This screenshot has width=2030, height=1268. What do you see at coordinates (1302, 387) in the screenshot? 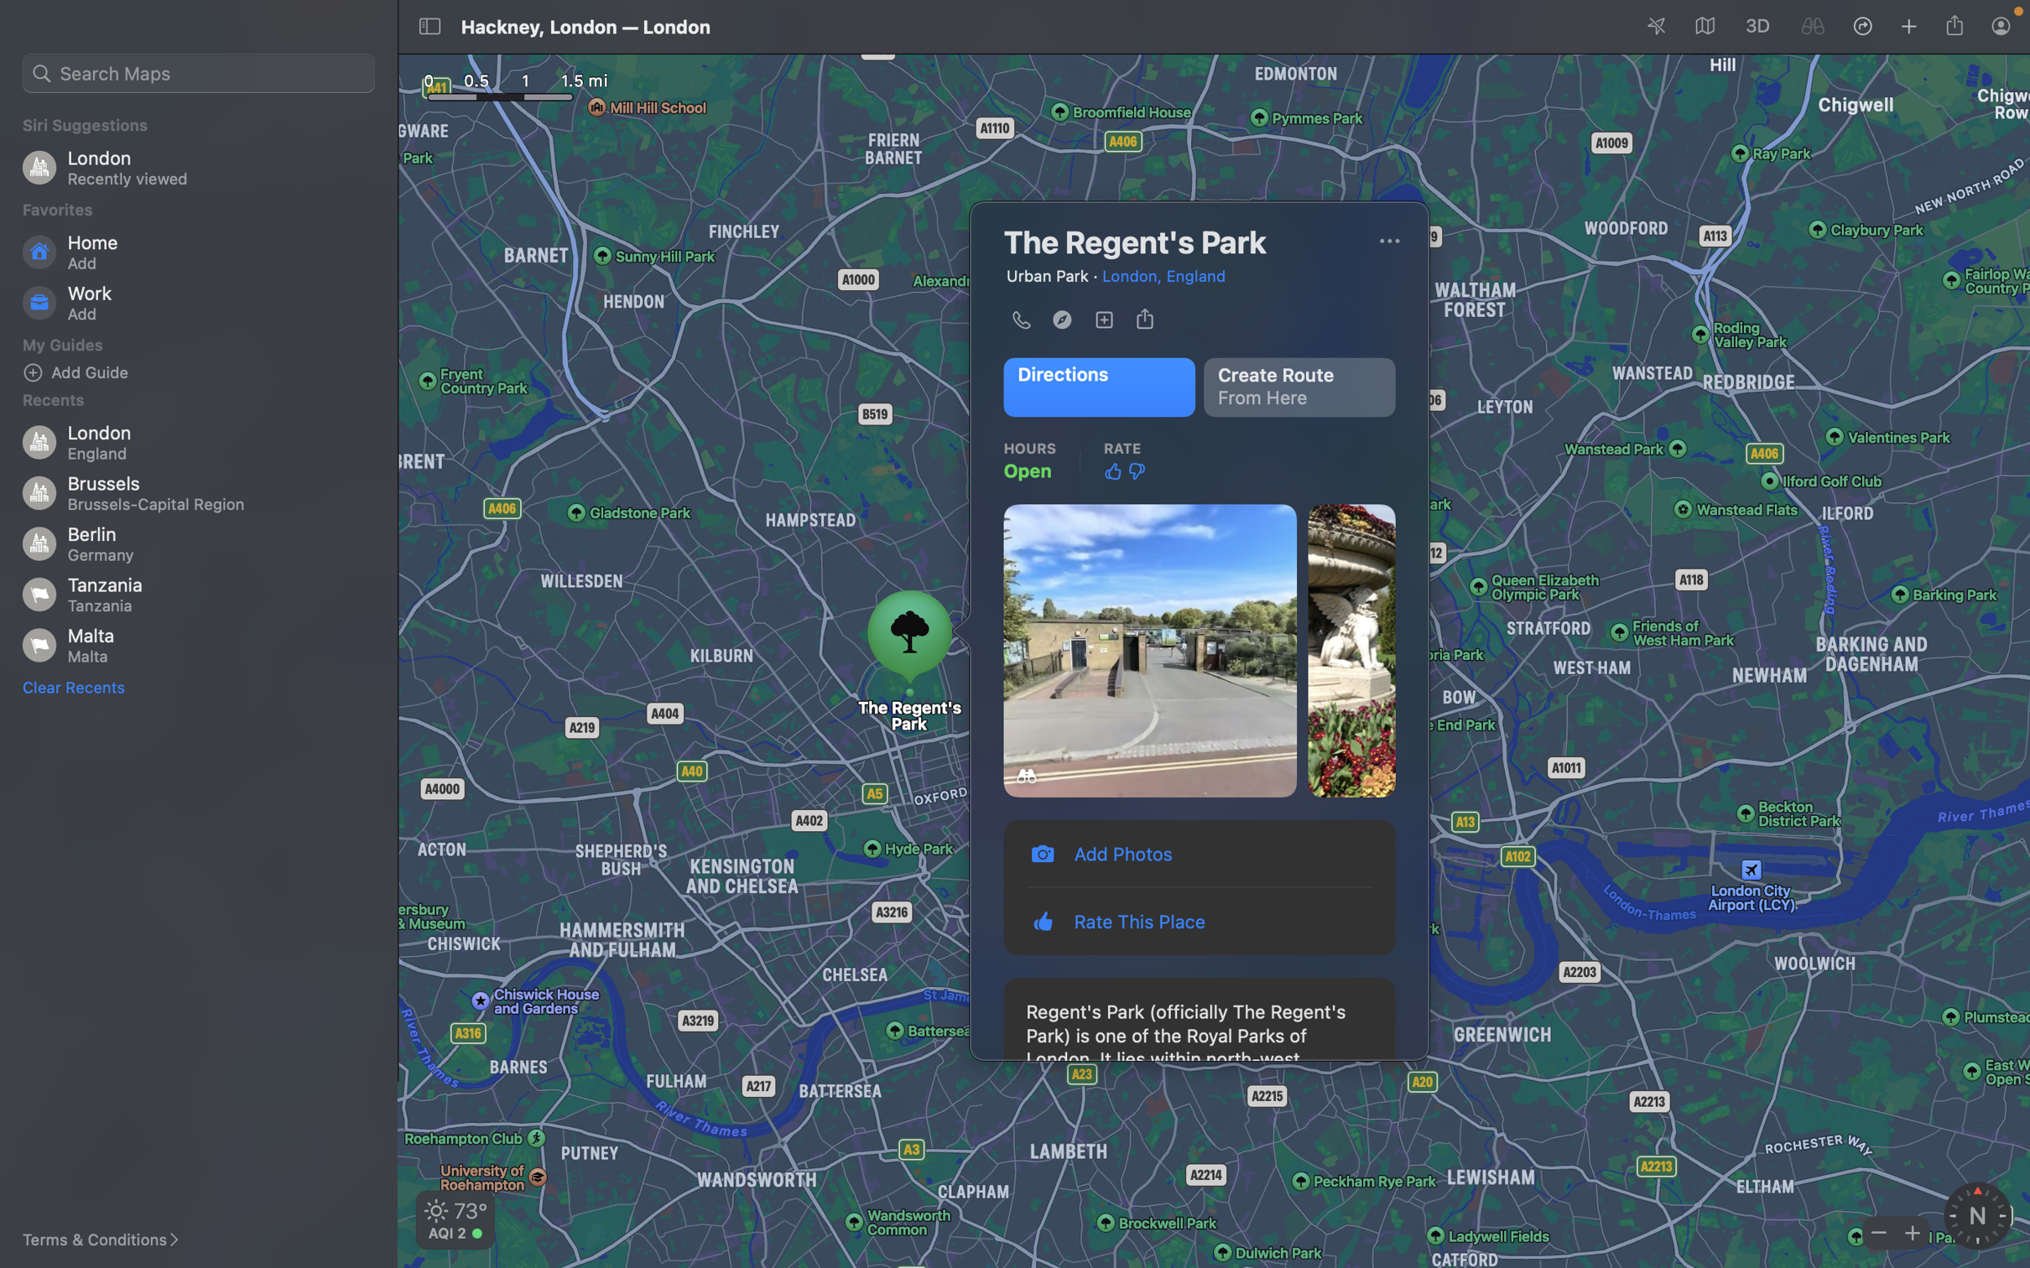
I see `Develop a navigation path from the Regent"s park` at bounding box center [1302, 387].